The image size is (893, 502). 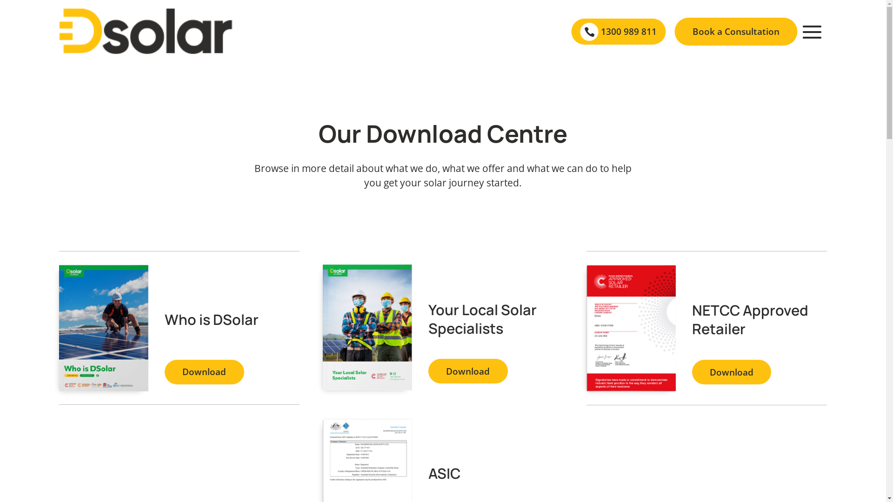 What do you see at coordinates (482, 318) in the screenshot?
I see `'Your Local Solar Specialists'` at bounding box center [482, 318].